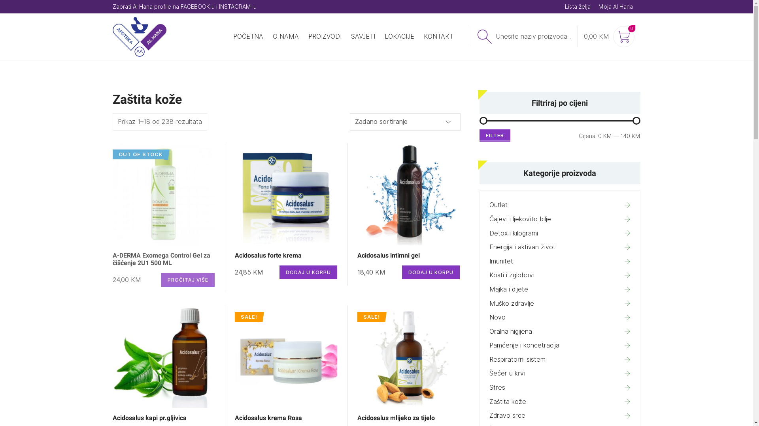 Image resolution: width=759 pixels, height=426 pixels. Describe the element at coordinates (559, 262) in the screenshot. I see `'Imunitet'` at that location.